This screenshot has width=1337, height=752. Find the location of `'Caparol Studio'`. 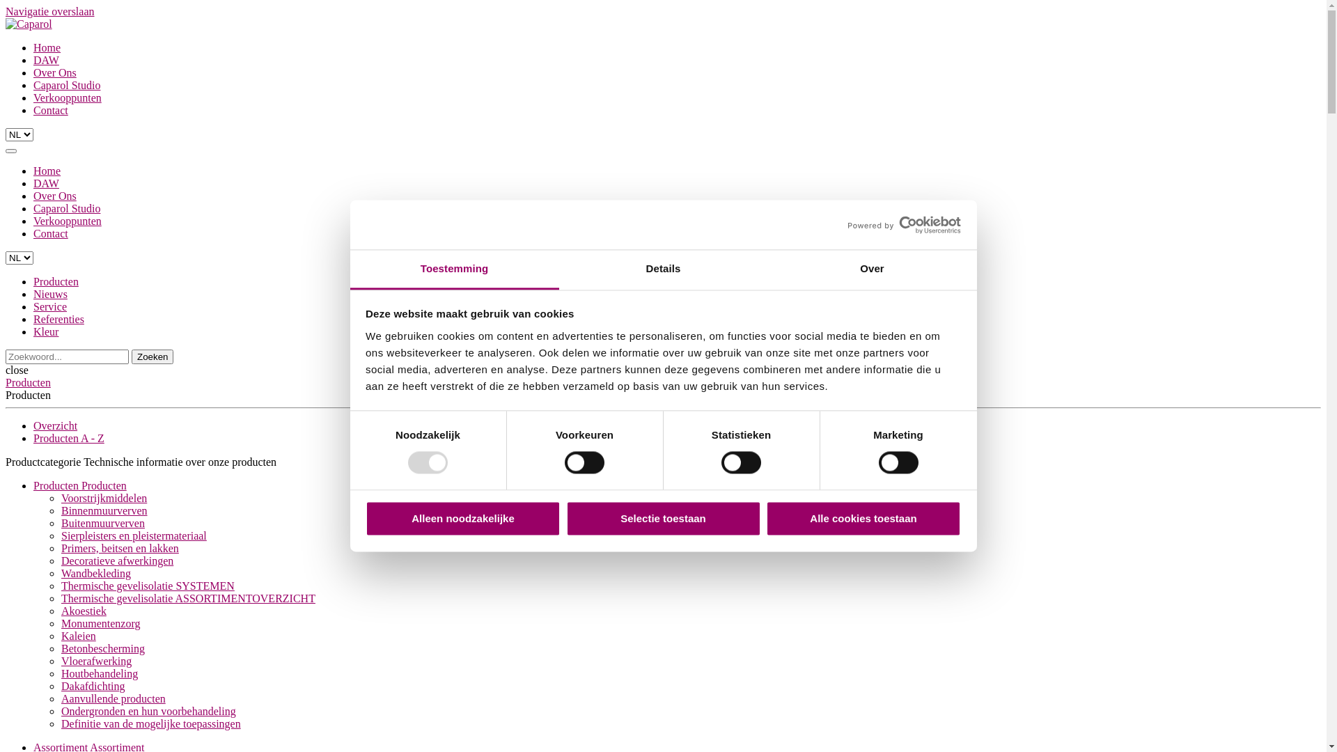

'Caparol Studio' is located at coordinates (66, 85).